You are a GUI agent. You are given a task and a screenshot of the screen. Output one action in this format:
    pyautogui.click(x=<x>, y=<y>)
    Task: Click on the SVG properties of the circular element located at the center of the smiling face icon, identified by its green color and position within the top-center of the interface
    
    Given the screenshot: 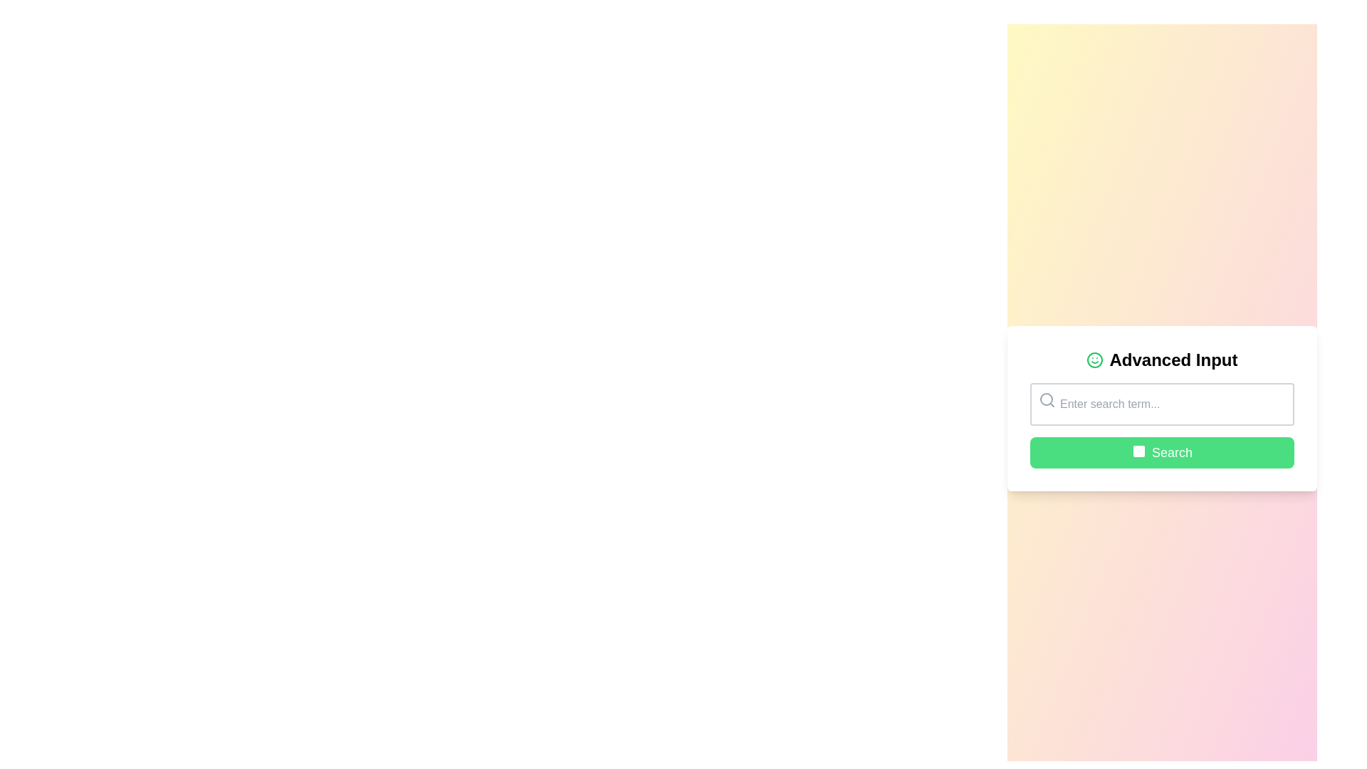 What is the action you would take?
    pyautogui.click(x=1094, y=359)
    